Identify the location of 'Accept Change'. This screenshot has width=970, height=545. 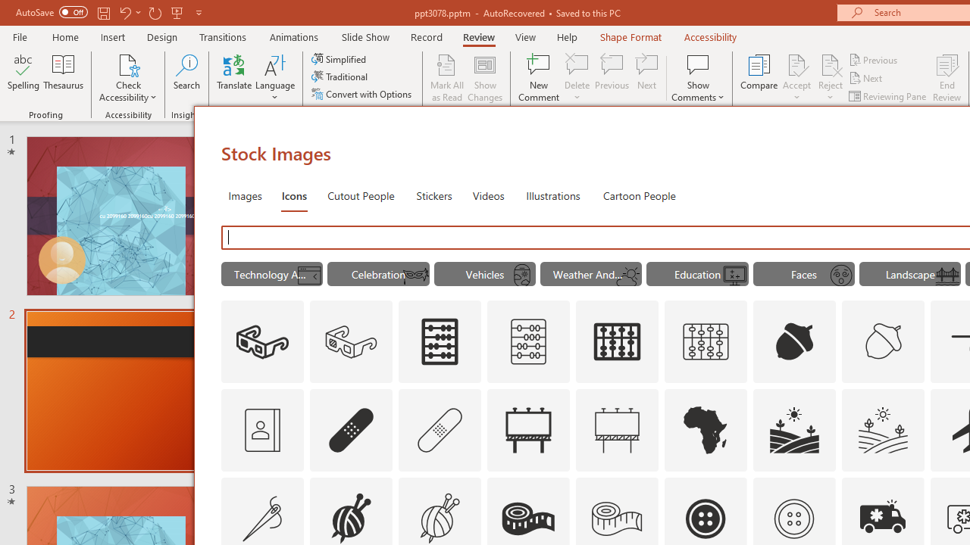
(796, 64).